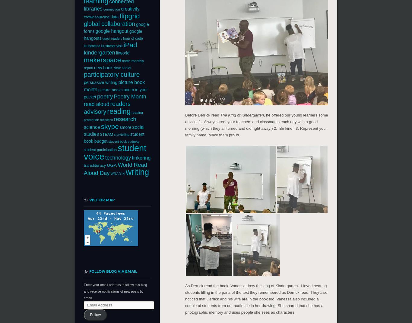  What do you see at coordinates (120, 8) in the screenshot?
I see `'creativity'` at bounding box center [120, 8].